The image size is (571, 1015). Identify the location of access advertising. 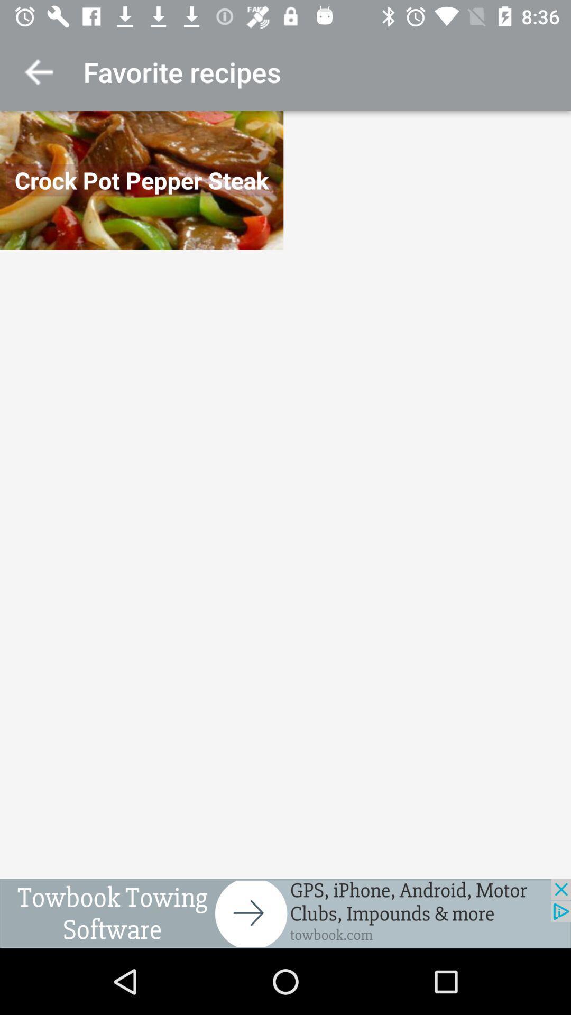
(285, 913).